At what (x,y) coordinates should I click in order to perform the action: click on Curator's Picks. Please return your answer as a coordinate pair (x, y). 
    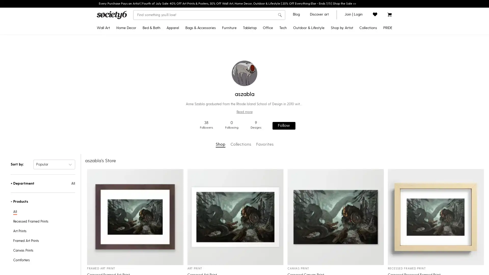
    Looking at the image, I should click on (328, 123).